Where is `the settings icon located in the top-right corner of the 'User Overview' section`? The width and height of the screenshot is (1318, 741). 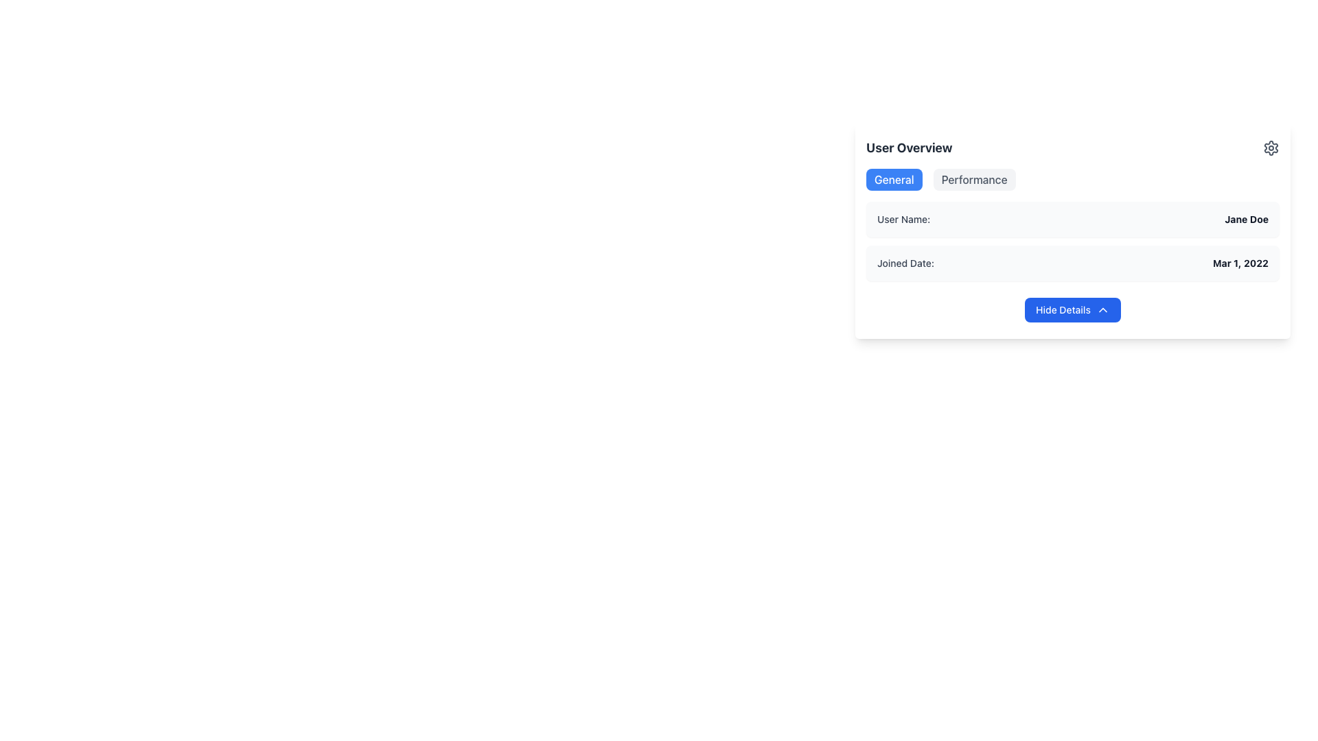 the settings icon located in the top-right corner of the 'User Overview' section is located at coordinates (1271, 148).